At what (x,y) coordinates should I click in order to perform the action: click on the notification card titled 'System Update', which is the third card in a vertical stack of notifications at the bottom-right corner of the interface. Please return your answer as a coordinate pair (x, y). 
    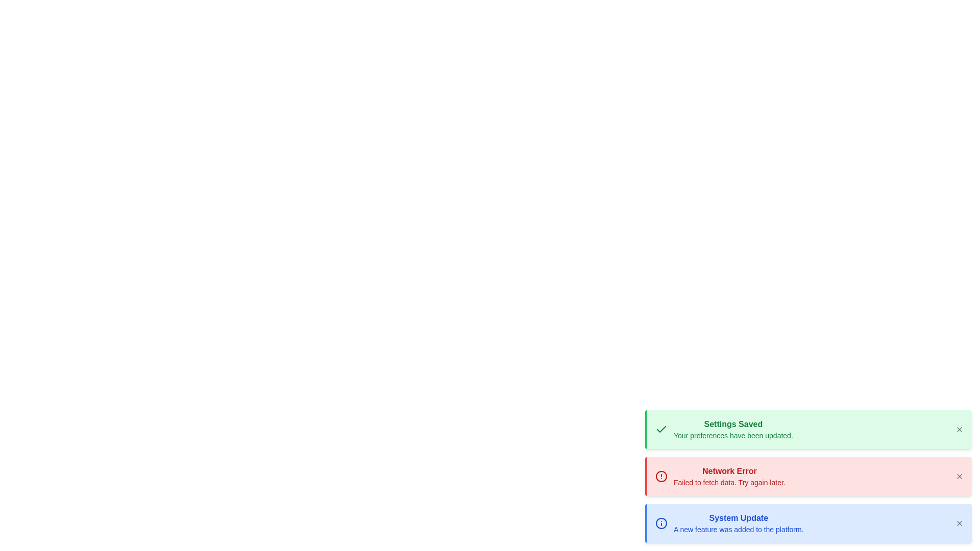
    Looking at the image, I should click on (808, 523).